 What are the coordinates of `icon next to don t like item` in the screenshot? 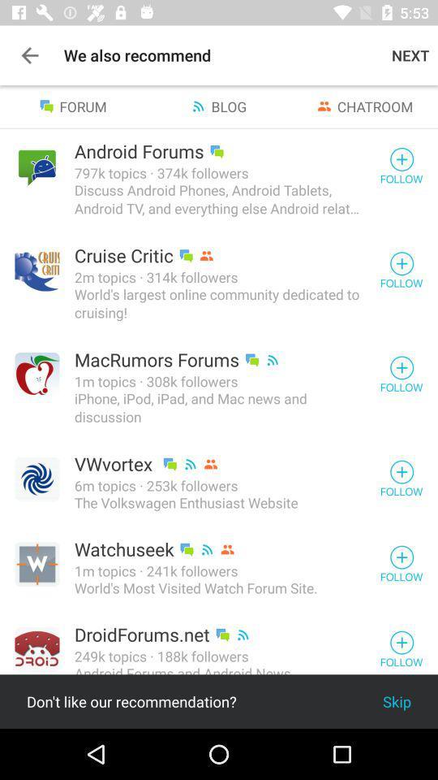 It's located at (396, 700).